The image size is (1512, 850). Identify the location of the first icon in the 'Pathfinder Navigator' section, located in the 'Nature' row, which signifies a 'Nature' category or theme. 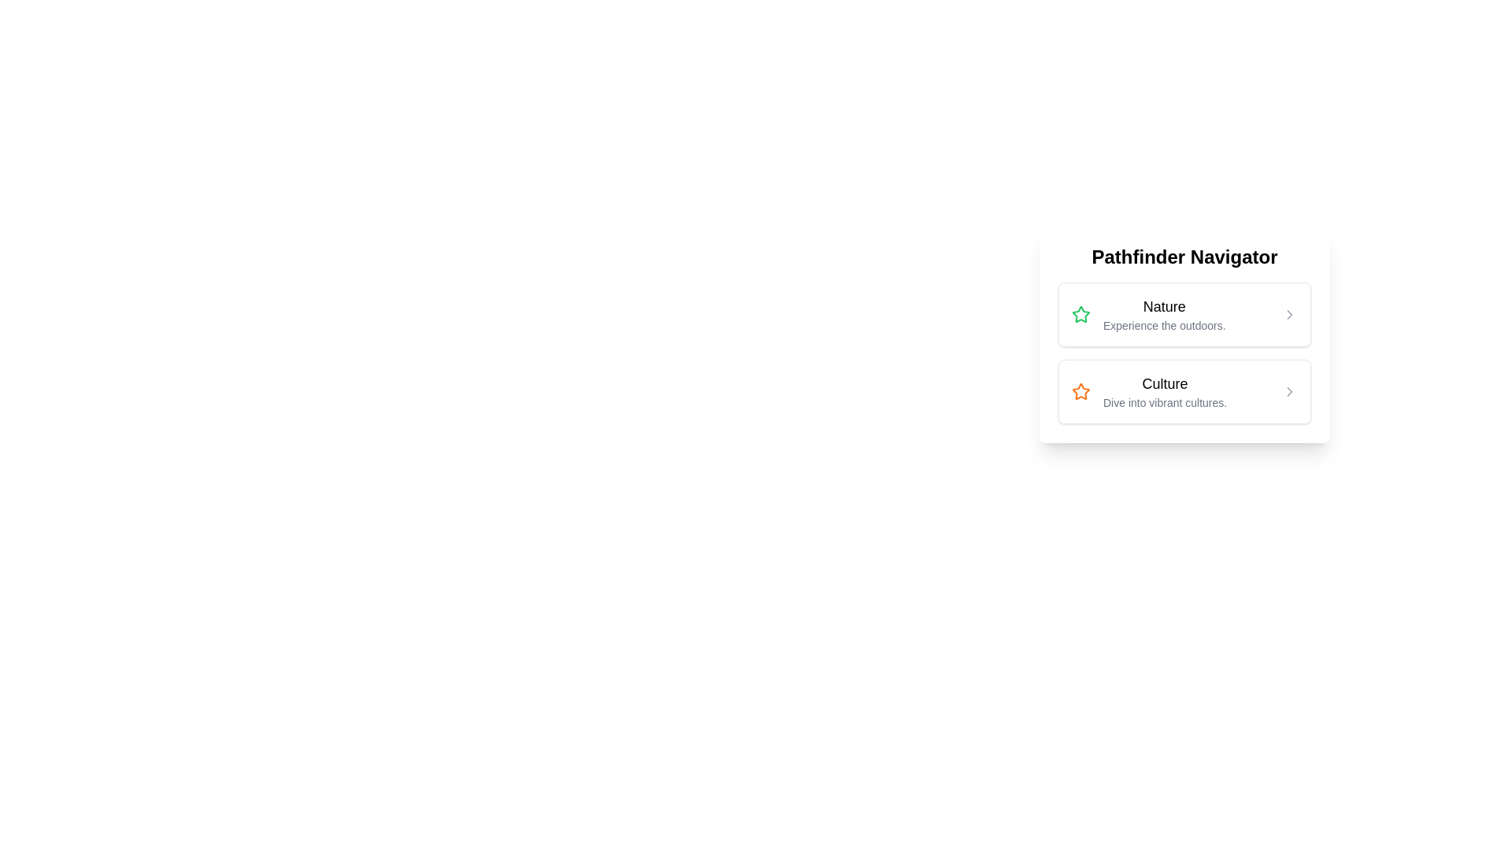
(1080, 315).